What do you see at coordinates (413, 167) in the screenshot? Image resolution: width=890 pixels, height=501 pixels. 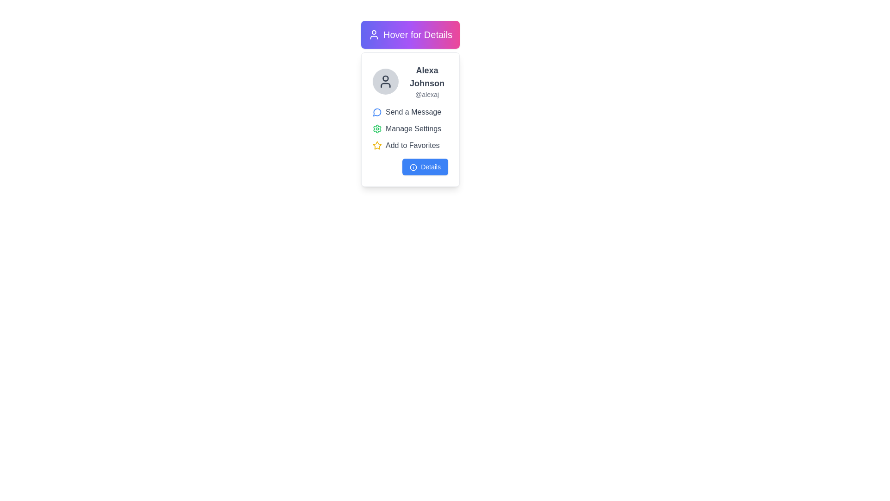 I see `the informational icon located to the left of the 'Details' button at the lower part of the card` at bounding box center [413, 167].